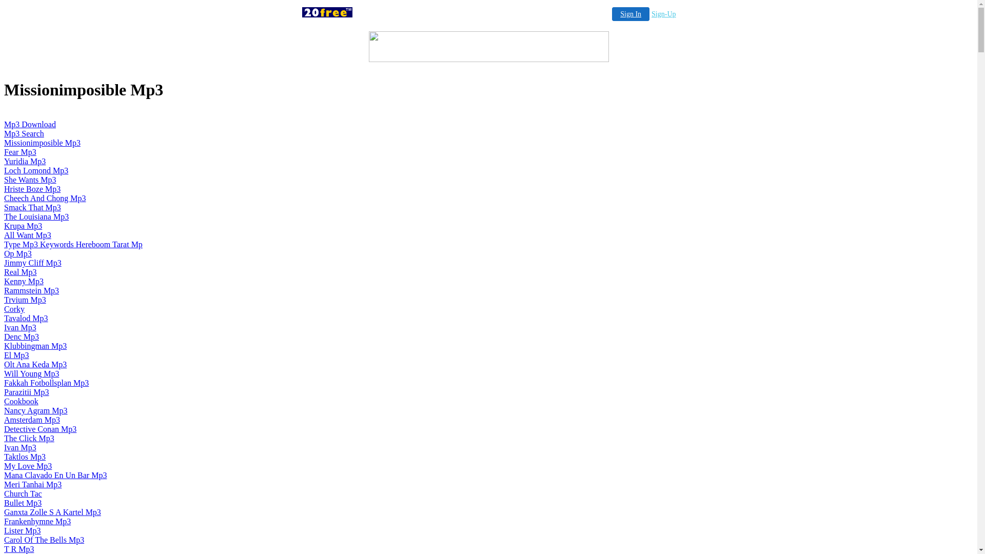 The width and height of the screenshot is (985, 554). I want to click on 'Denc Mp3', so click(4, 337).